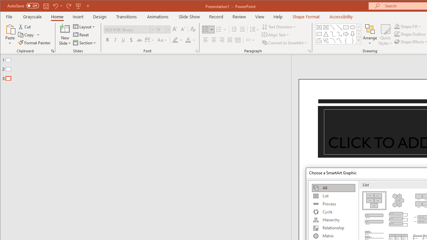 This screenshot has height=240, width=427. What do you see at coordinates (52, 51) in the screenshot?
I see `'Office Clipboard...'` at bounding box center [52, 51].